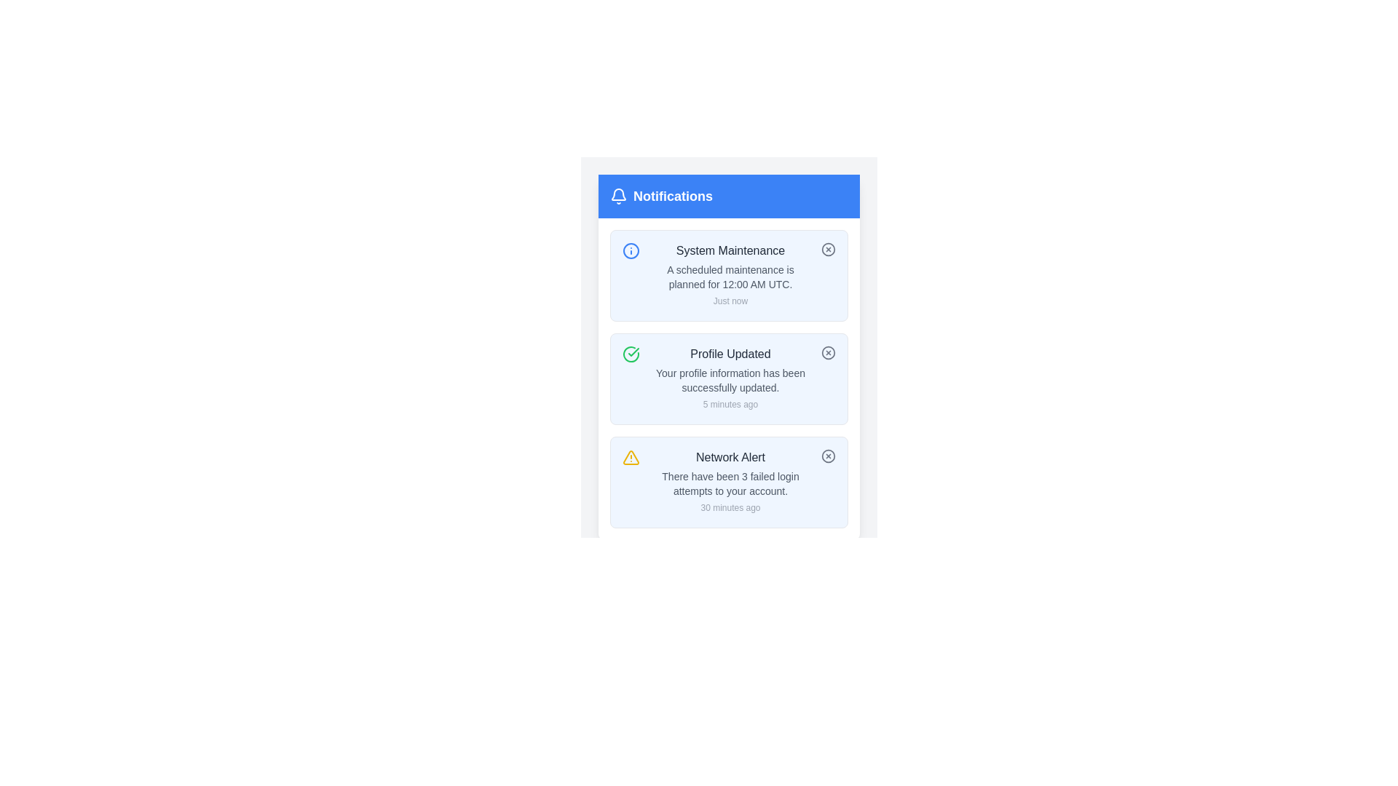  What do you see at coordinates (618, 196) in the screenshot?
I see `the notification icon located at the top-left corner of the blue notification banner, which indicates the presence of notifications` at bounding box center [618, 196].